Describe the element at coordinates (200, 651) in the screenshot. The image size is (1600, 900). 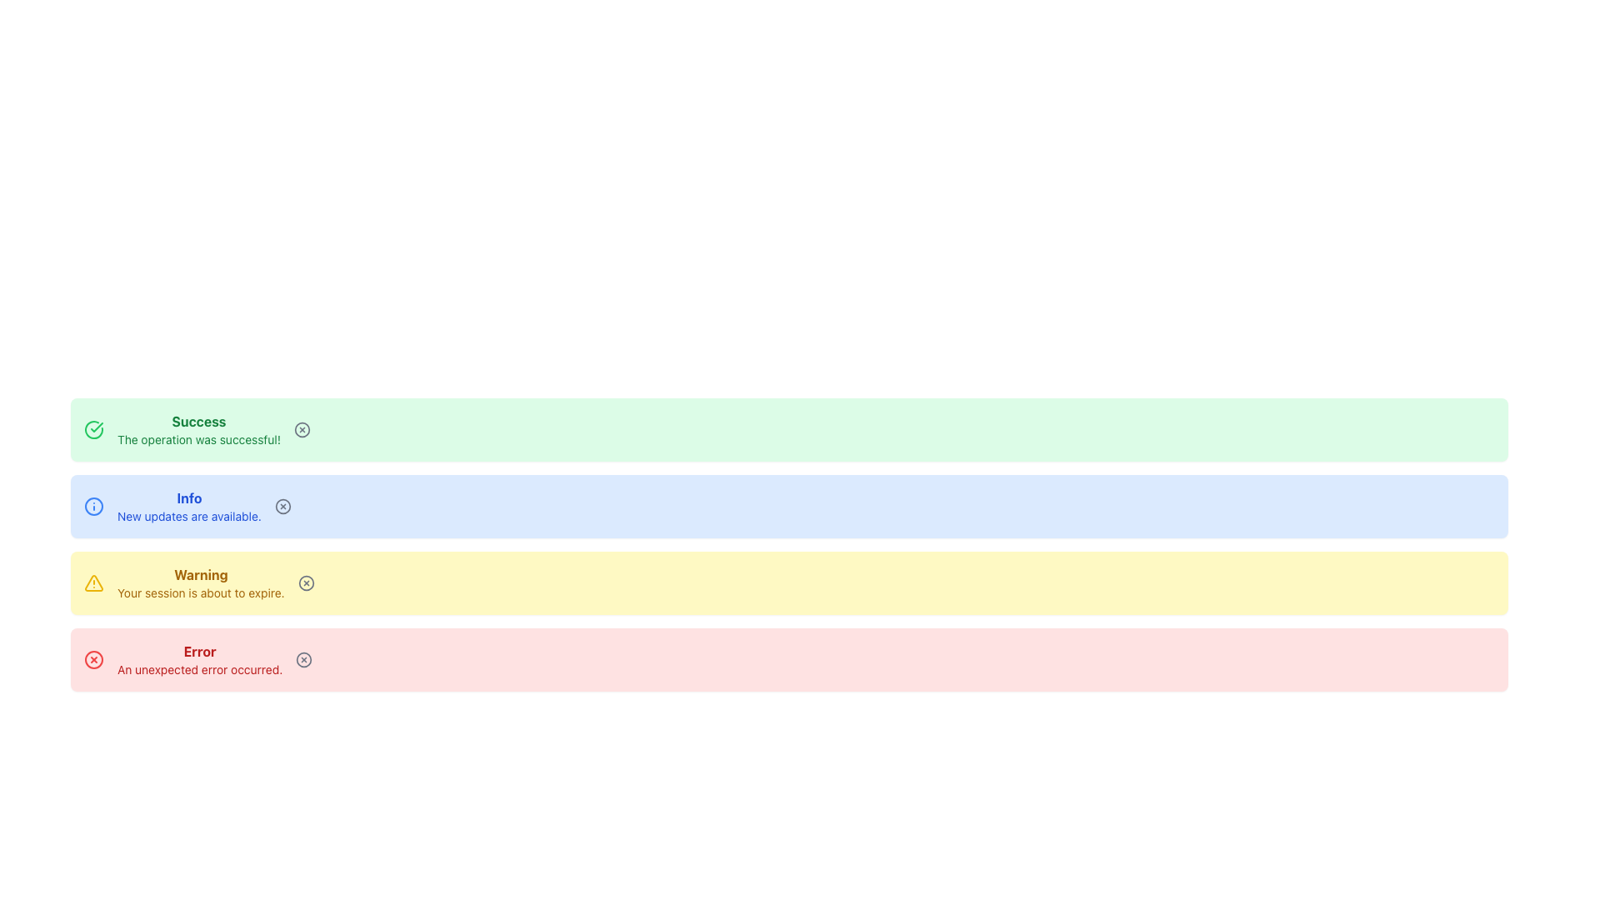
I see `bold, red-colored text label that says 'Error', located at the top-left corner of a red notification box` at that location.